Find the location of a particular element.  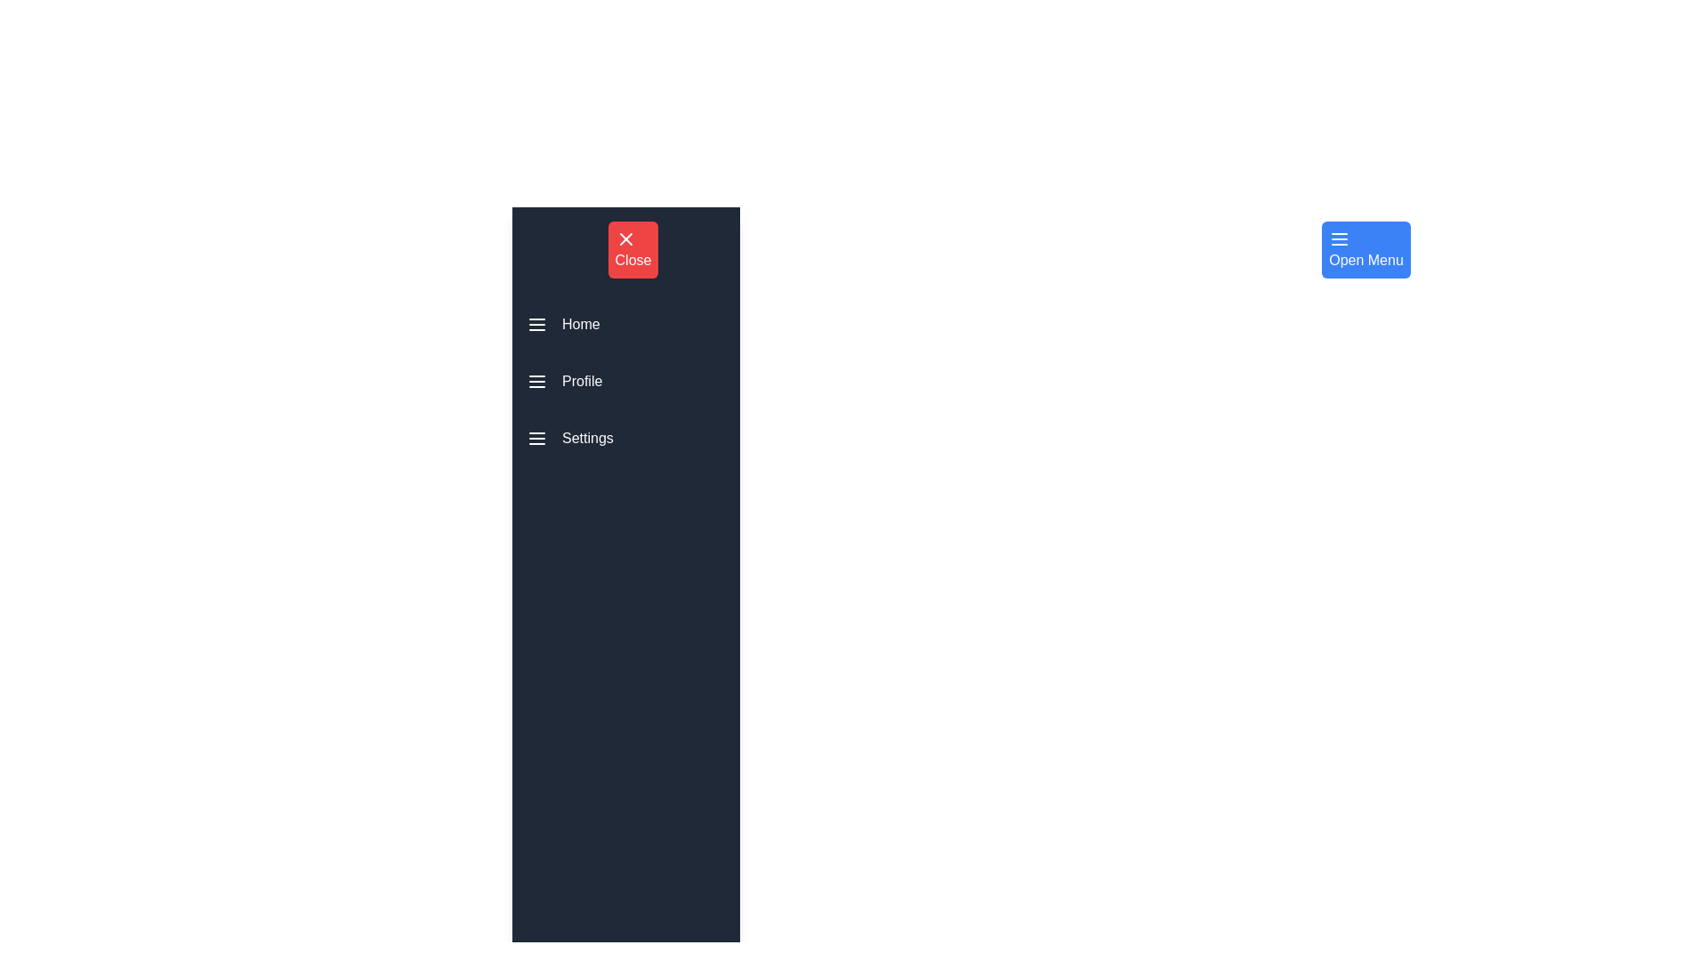

the menu item Home is located at coordinates (626, 325).